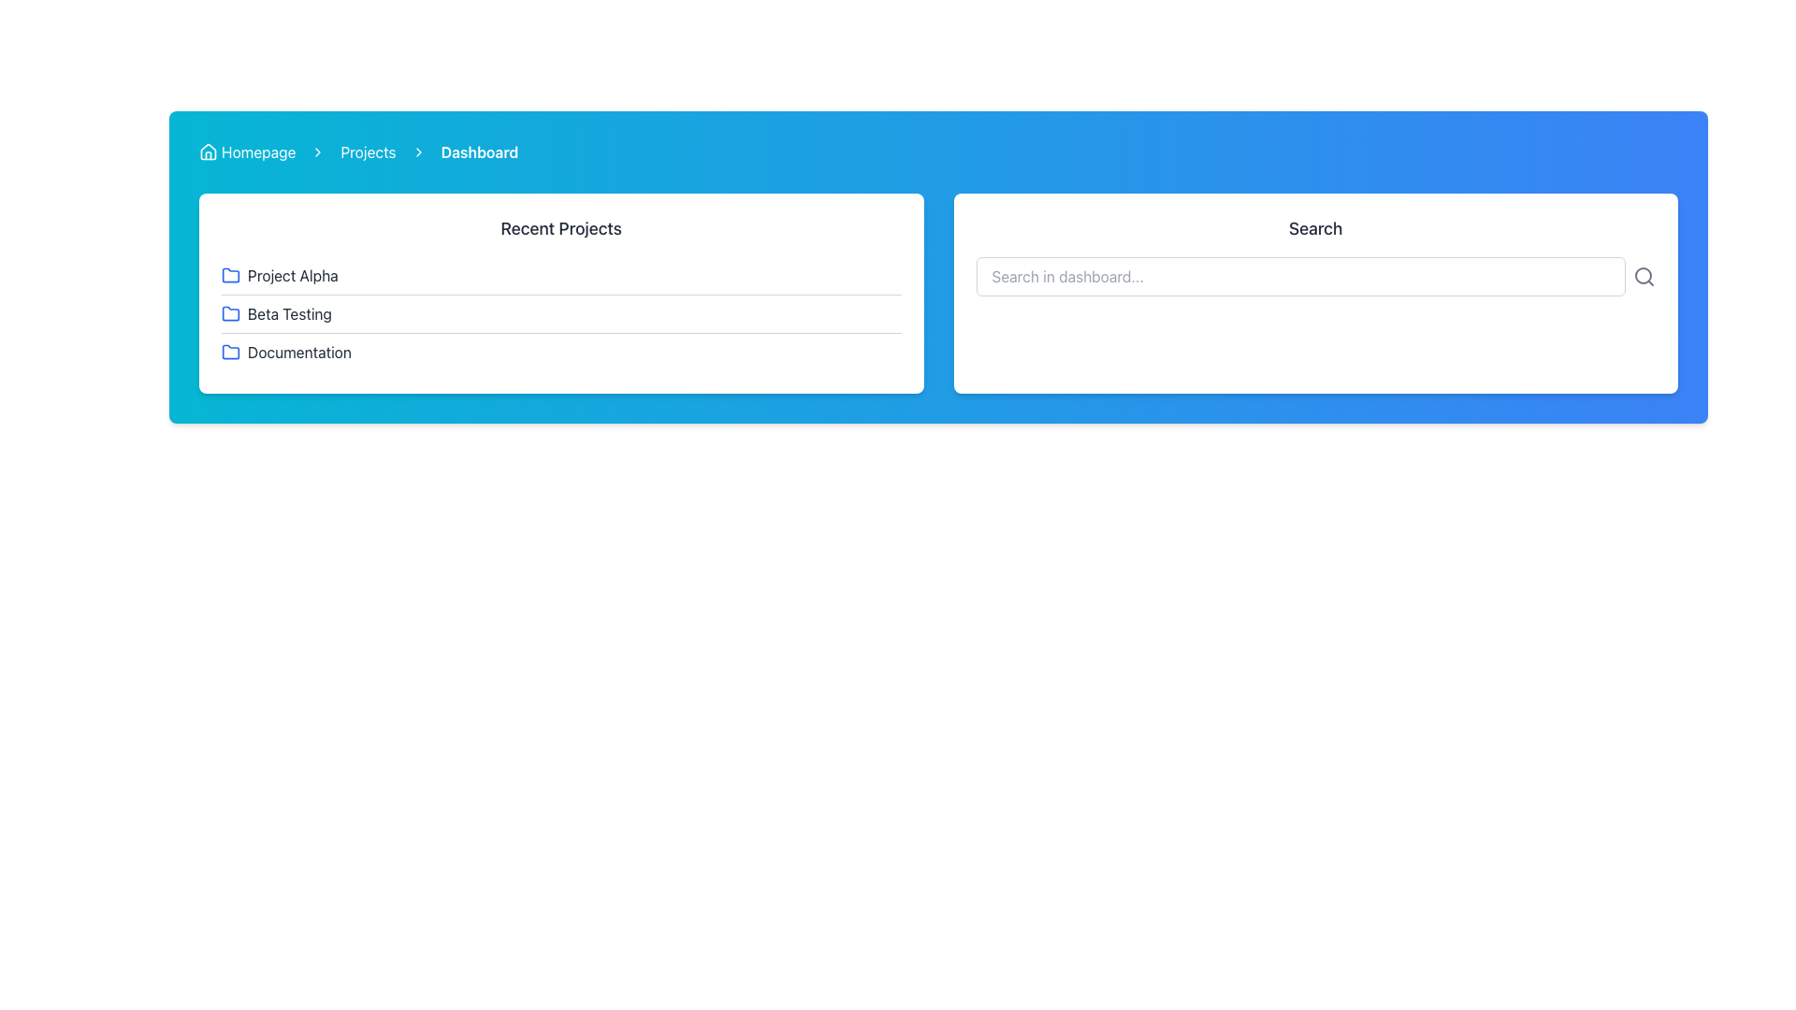 Image resolution: width=1796 pixels, height=1010 pixels. I want to click on the vector graphic segment of the folder icon representing the 'Documentation' item in the Recent Projects list, so click(229, 351).